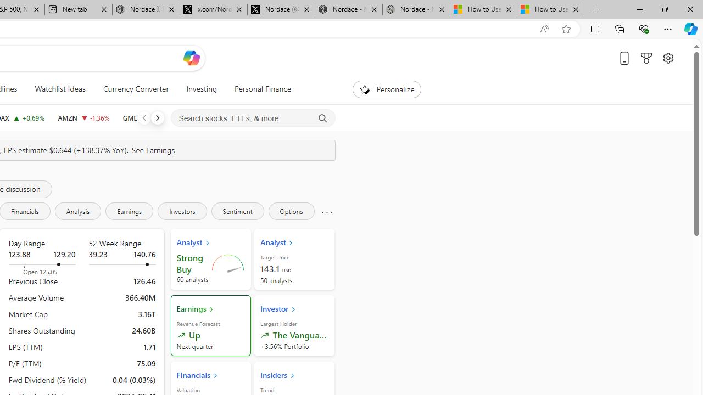 The image size is (703, 395). What do you see at coordinates (157, 117) in the screenshot?
I see `'Next'` at bounding box center [157, 117].